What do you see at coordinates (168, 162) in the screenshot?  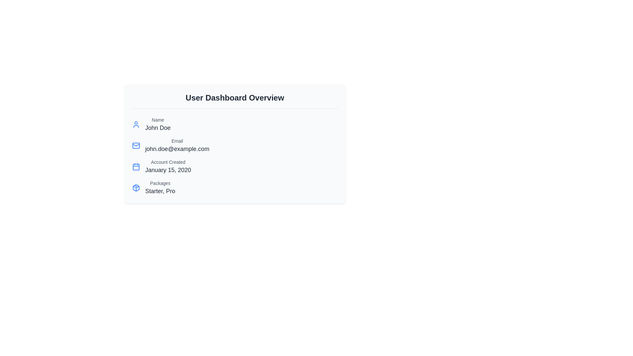 I see `the Static Text Label that reads 'Account Created', which is aligned with the left side of the UI, located below the email information section and above the date text` at bounding box center [168, 162].